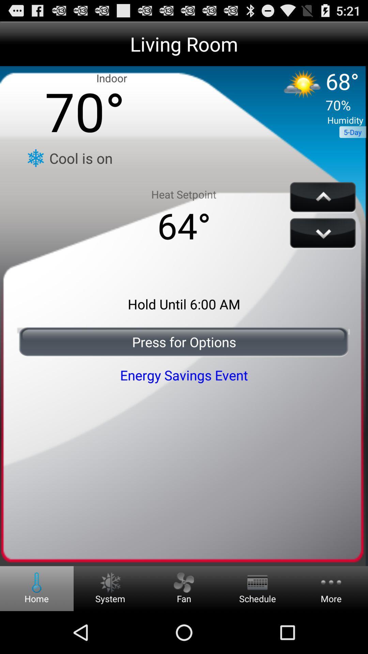 The width and height of the screenshot is (368, 654). What do you see at coordinates (184, 375) in the screenshot?
I see `the icon below the press for options icon` at bounding box center [184, 375].